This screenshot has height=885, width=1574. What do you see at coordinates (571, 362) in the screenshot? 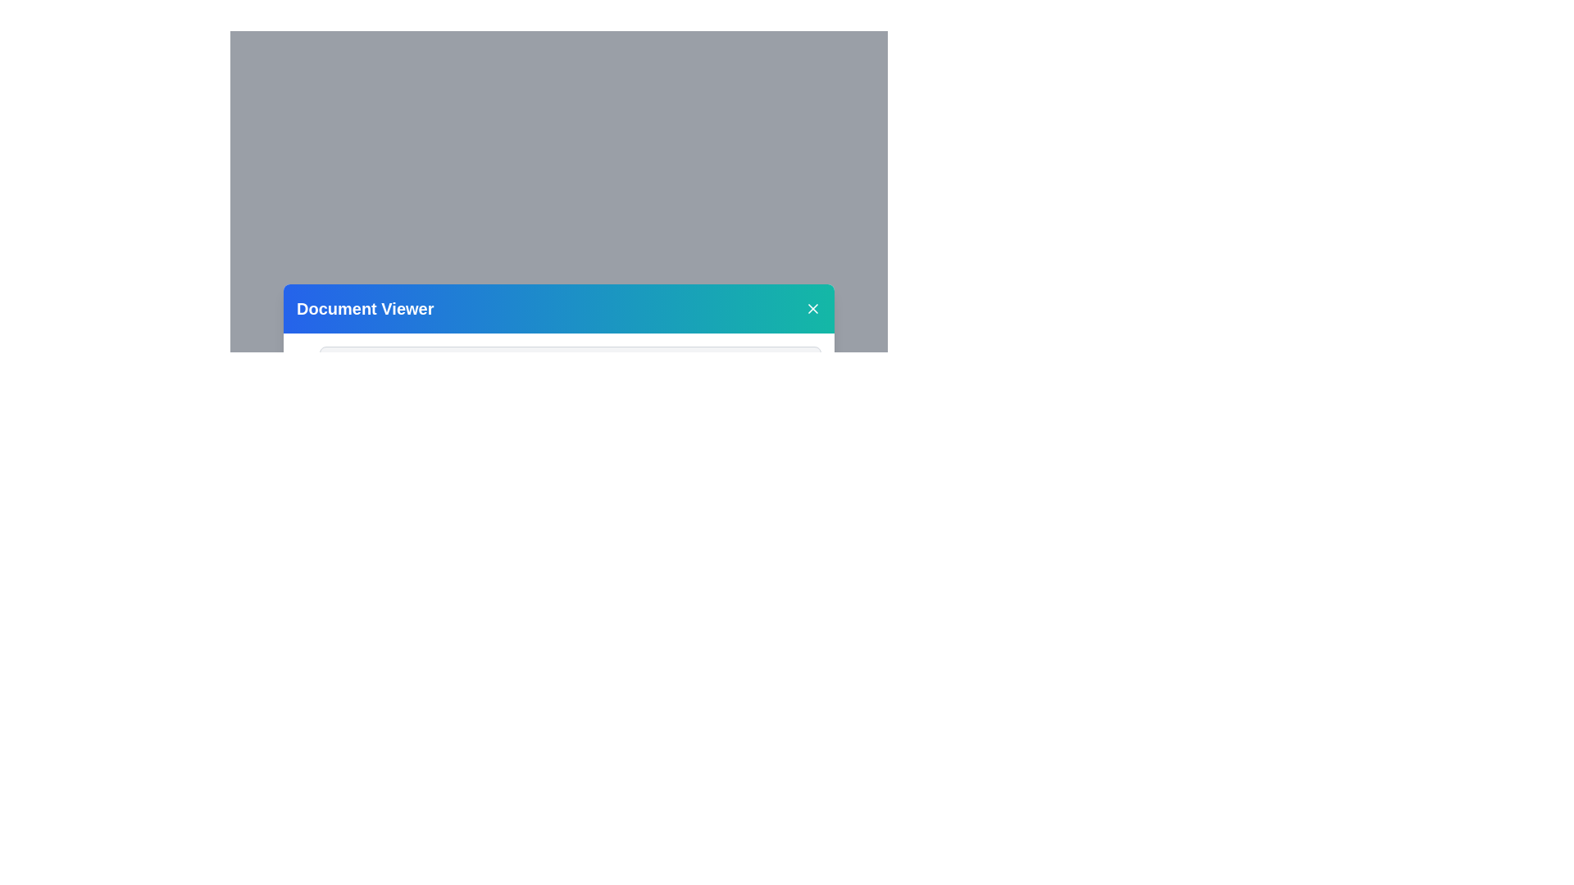
I see `the search input field to focus it` at bounding box center [571, 362].